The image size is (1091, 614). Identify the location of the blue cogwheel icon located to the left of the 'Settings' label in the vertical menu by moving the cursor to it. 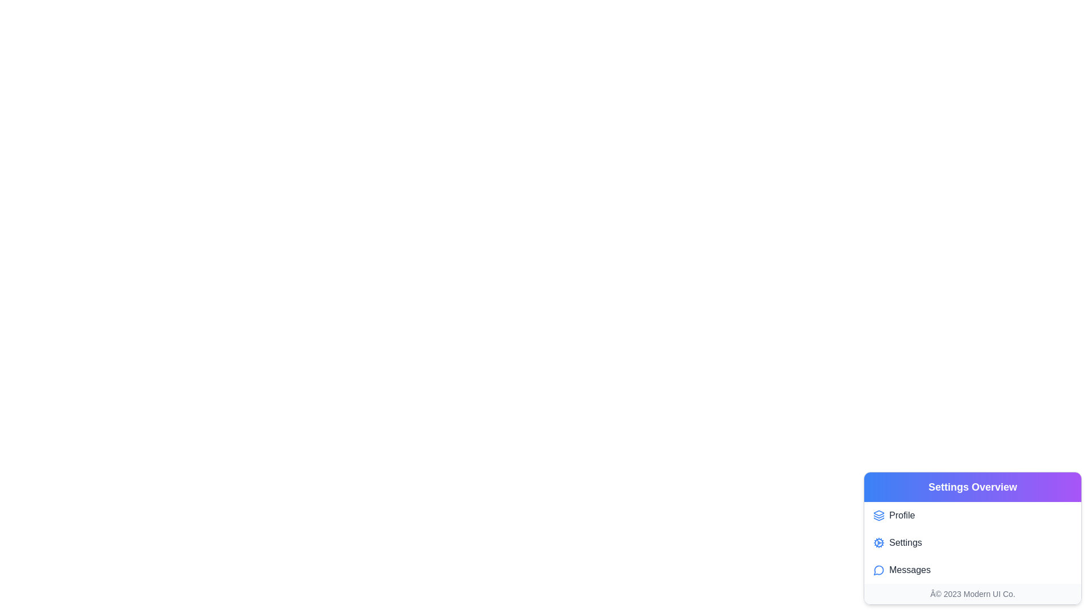
(878, 542).